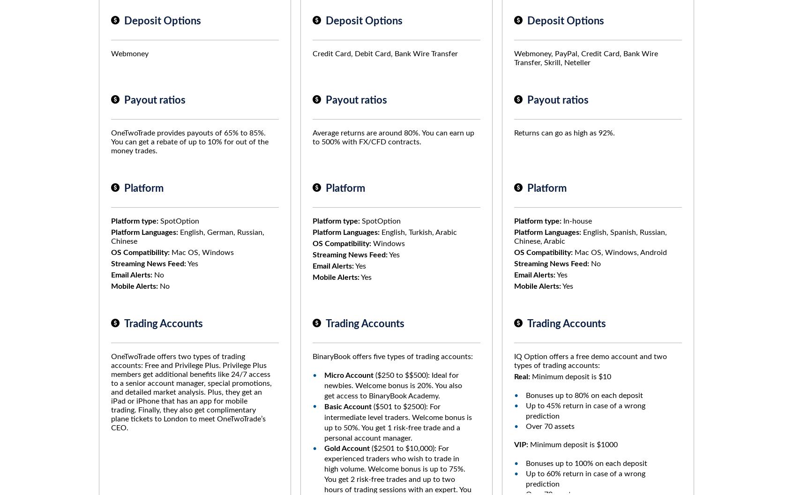 Image resolution: width=793 pixels, height=495 pixels. Describe the element at coordinates (525, 464) in the screenshot. I see `'Bonuses up to 100% on each deposit'` at that location.